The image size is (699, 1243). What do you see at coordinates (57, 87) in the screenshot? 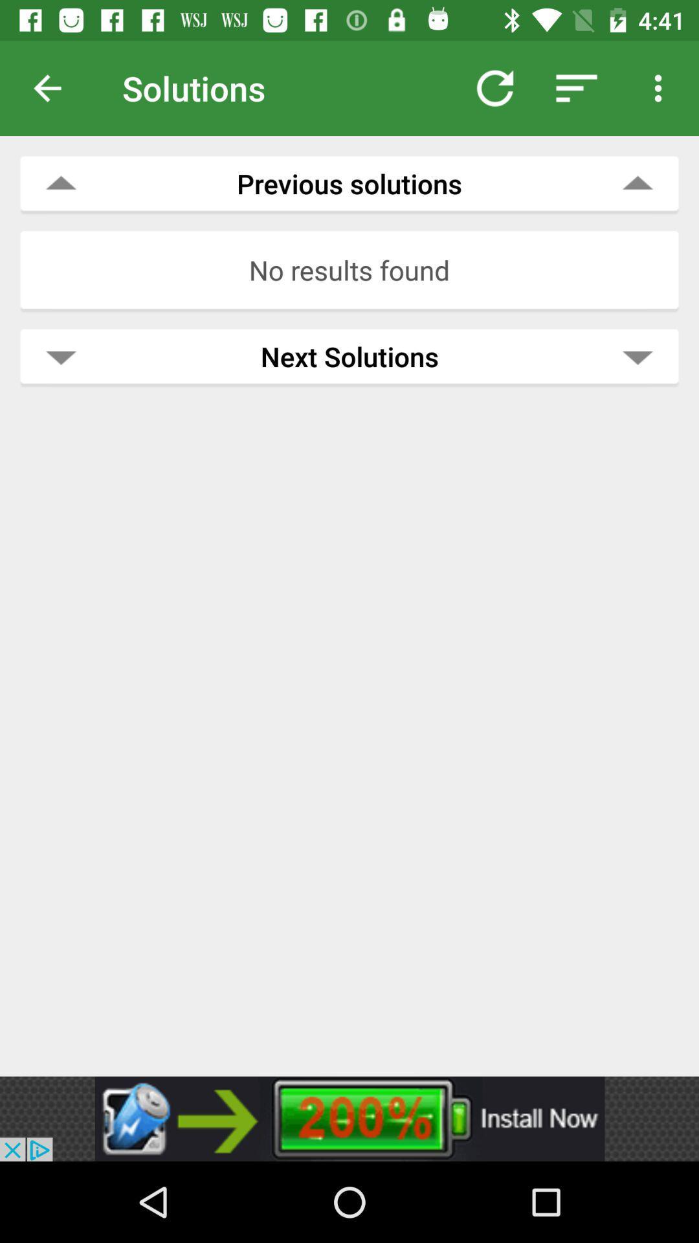
I see `go back` at bounding box center [57, 87].